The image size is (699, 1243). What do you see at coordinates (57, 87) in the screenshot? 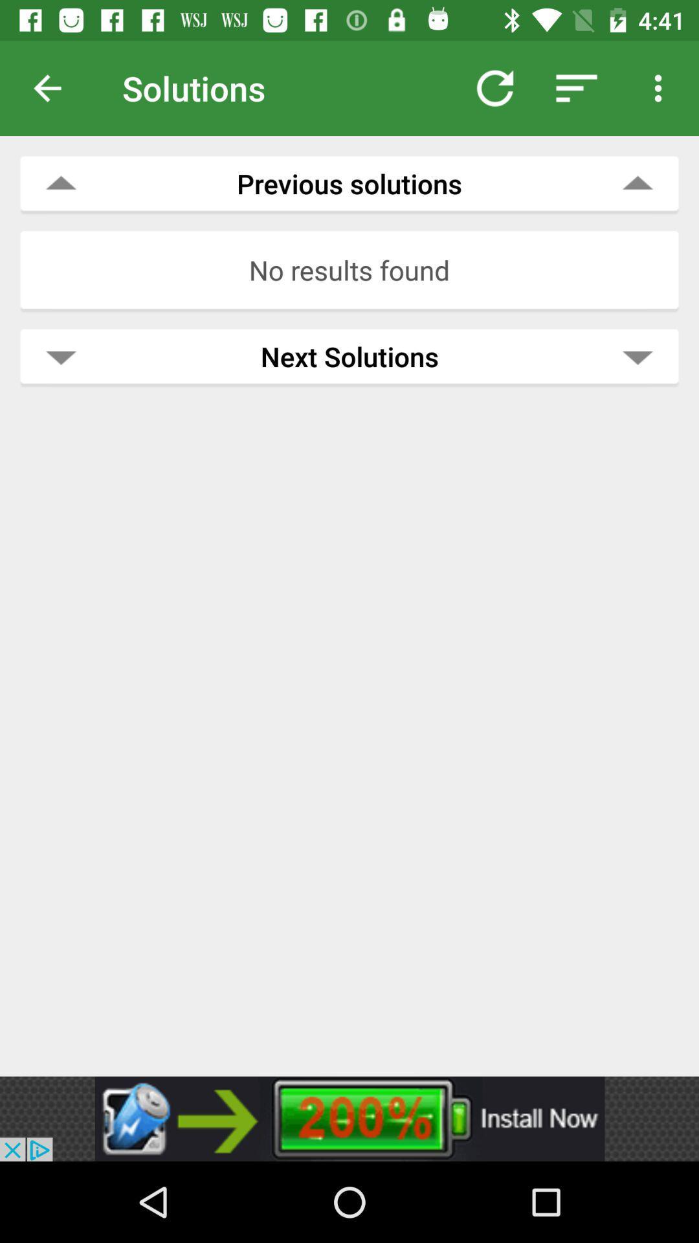
I see `go back` at bounding box center [57, 87].